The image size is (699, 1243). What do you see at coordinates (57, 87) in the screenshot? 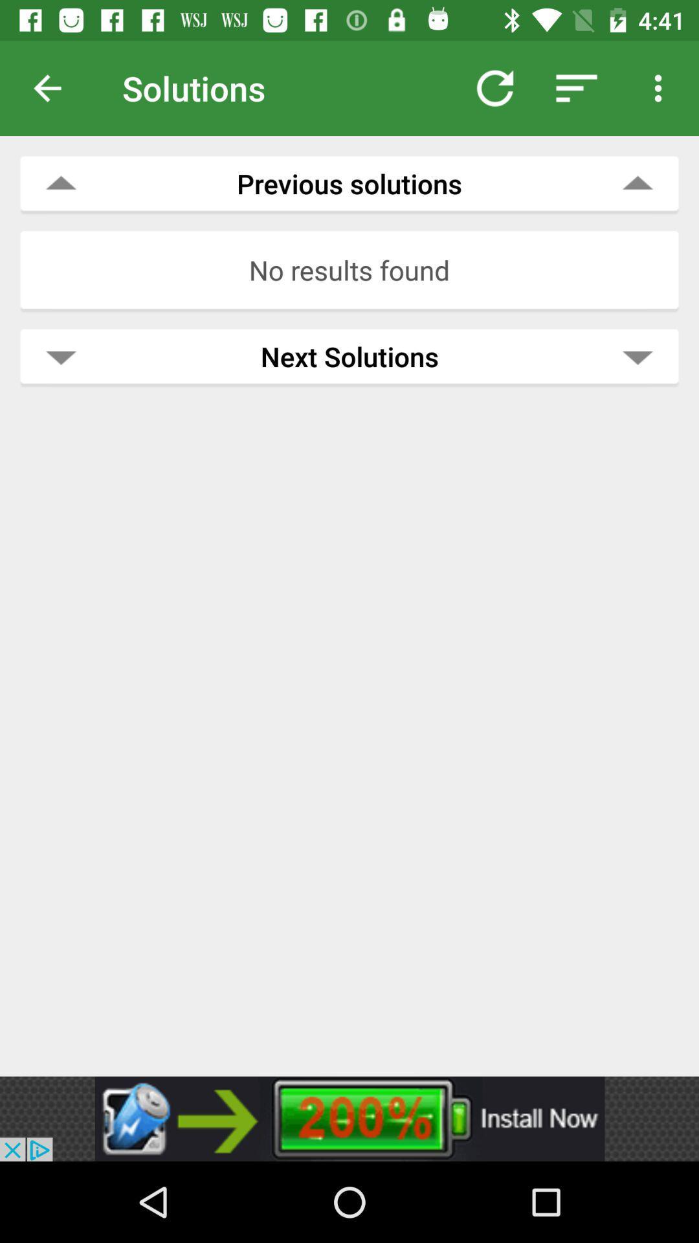
I see `go back` at bounding box center [57, 87].